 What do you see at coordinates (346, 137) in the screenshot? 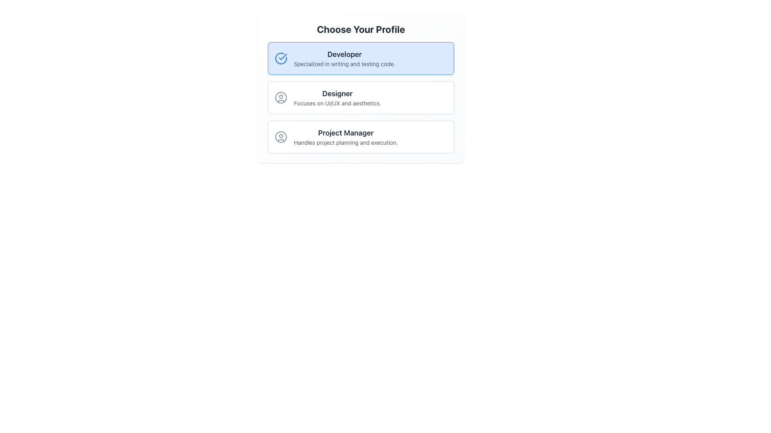
I see `the 'Project Manager' label in the user profile selection interface` at bounding box center [346, 137].